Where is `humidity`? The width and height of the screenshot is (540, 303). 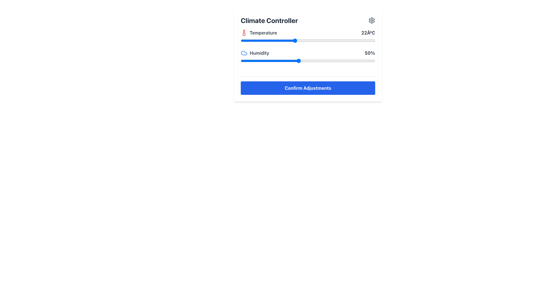
humidity is located at coordinates (323, 61).